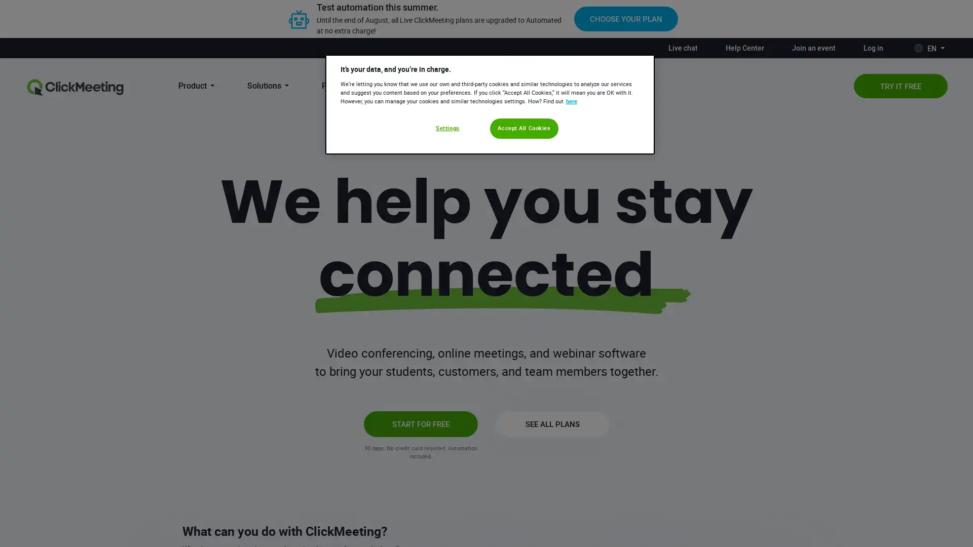 The height and width of the screenshot is (547, 973). Describe the element at coordinates (447, 128) in the screenshot. I see `Settings` at that location.